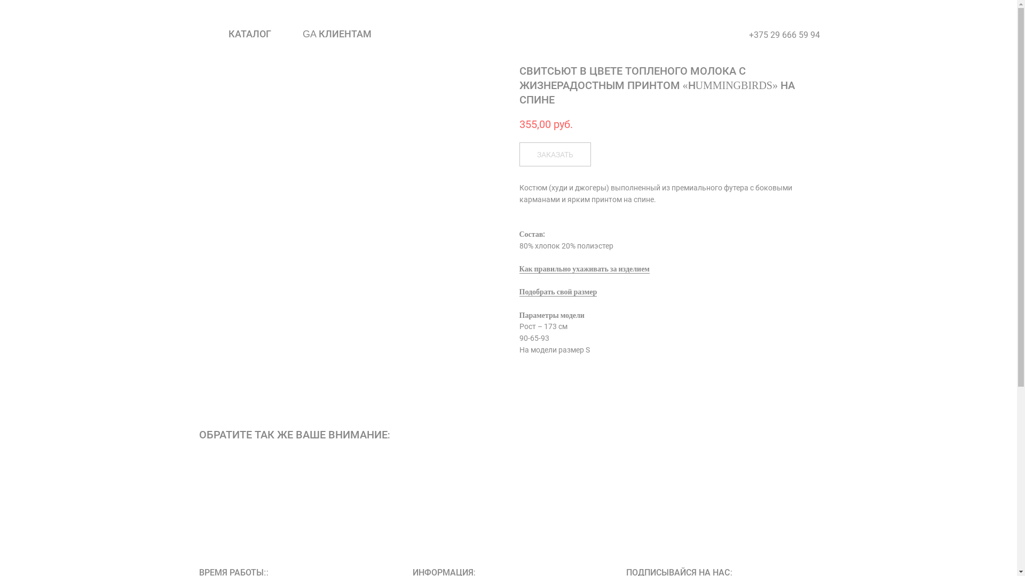 This screenshot has height=576, width=1025. What do you see at coordinates (747, 34) in the screenshot?
I see `'+375 29 666 59 94'` at bounding box center [747, 34].